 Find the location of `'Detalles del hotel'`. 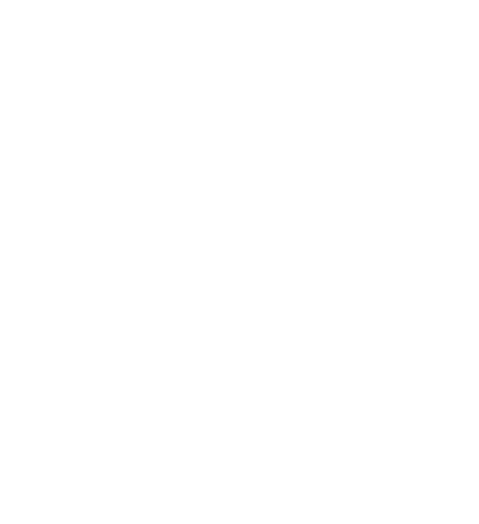

'Detalles del hotel' is located at coordinates (97, 435).